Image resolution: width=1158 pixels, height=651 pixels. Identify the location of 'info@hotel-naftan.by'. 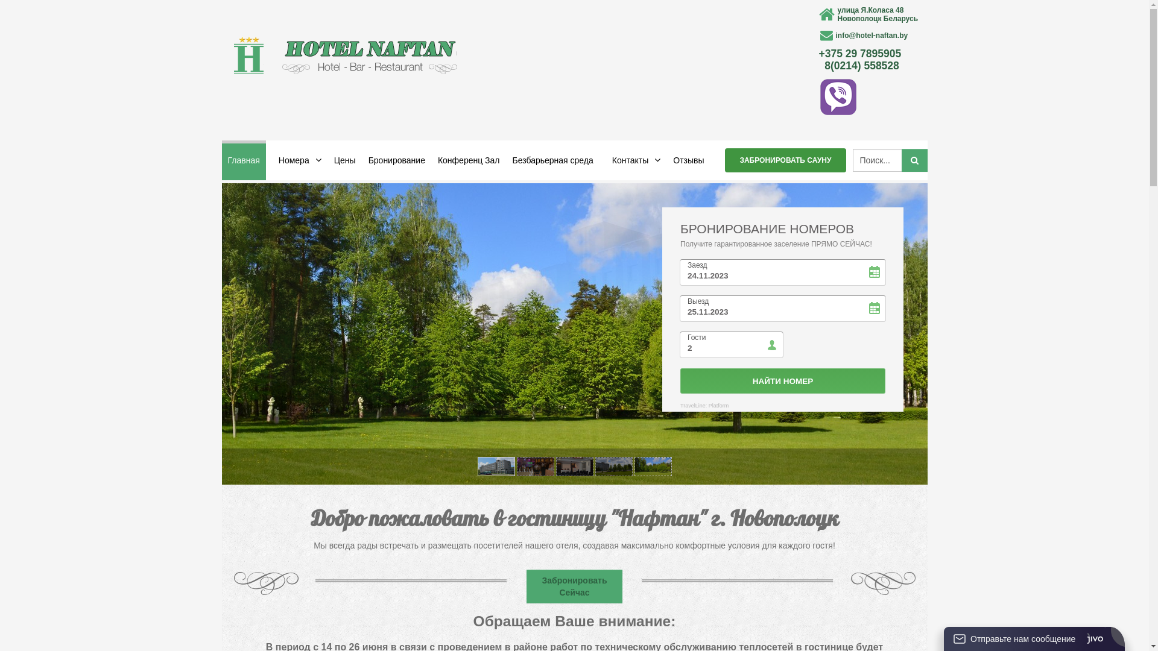
(872, 34).